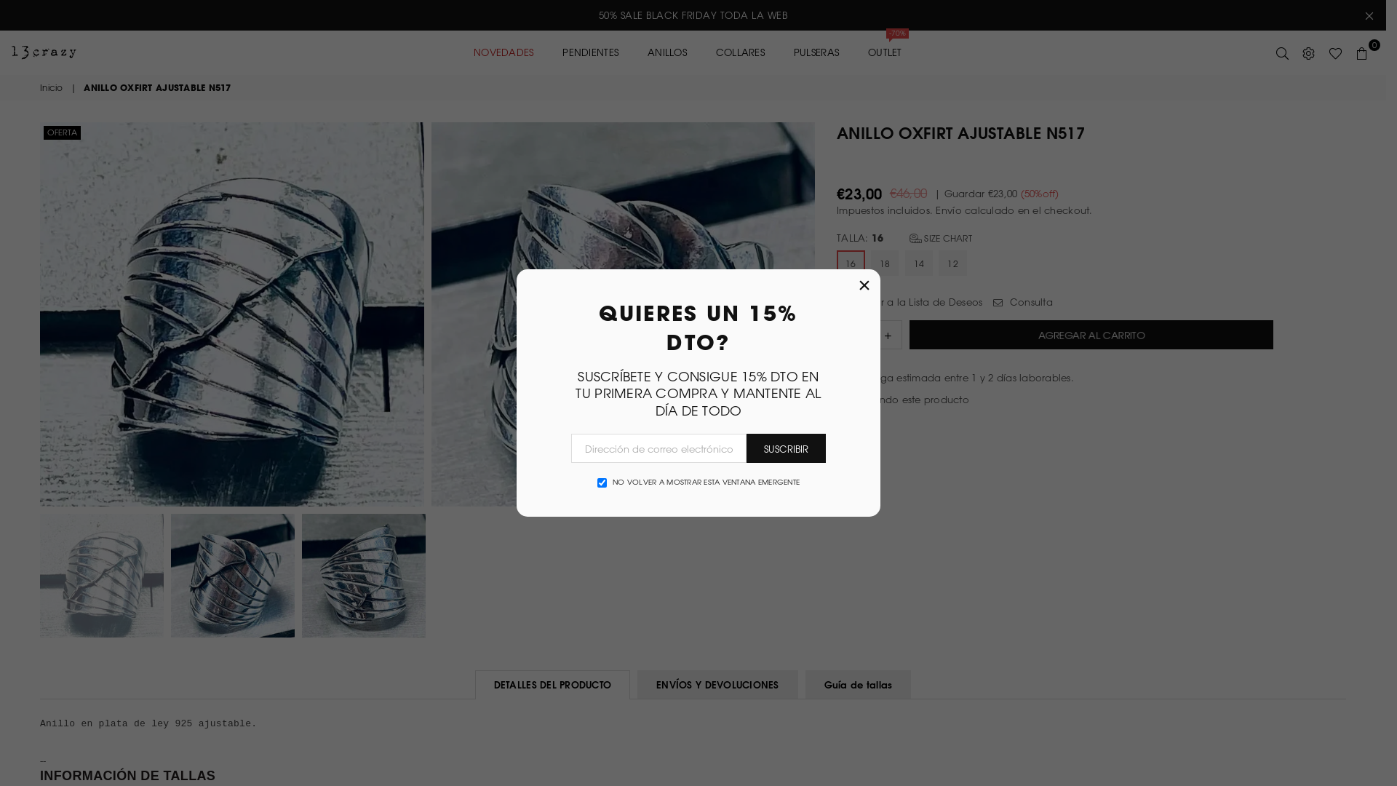  Describe the element at coordinates (1361, 52) in the screenshot. I see `'0'` at that location.